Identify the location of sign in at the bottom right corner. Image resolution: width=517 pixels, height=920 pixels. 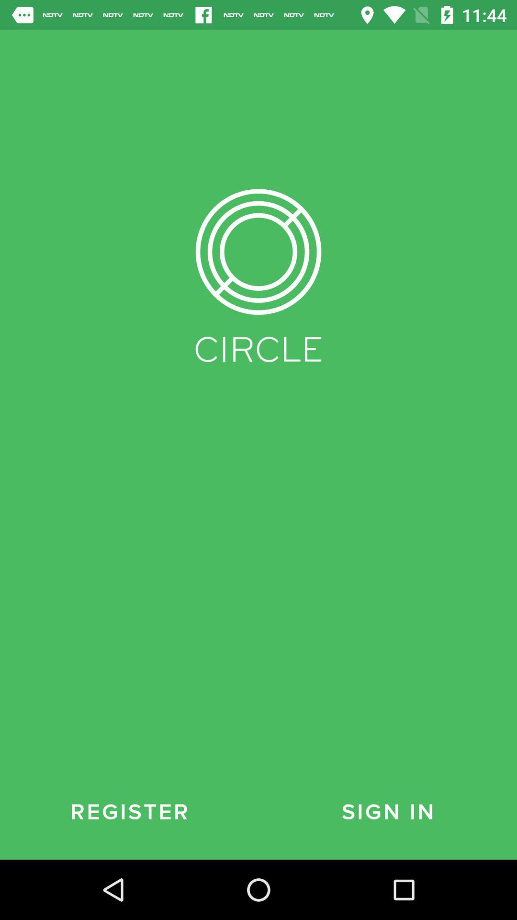
(388, 812).